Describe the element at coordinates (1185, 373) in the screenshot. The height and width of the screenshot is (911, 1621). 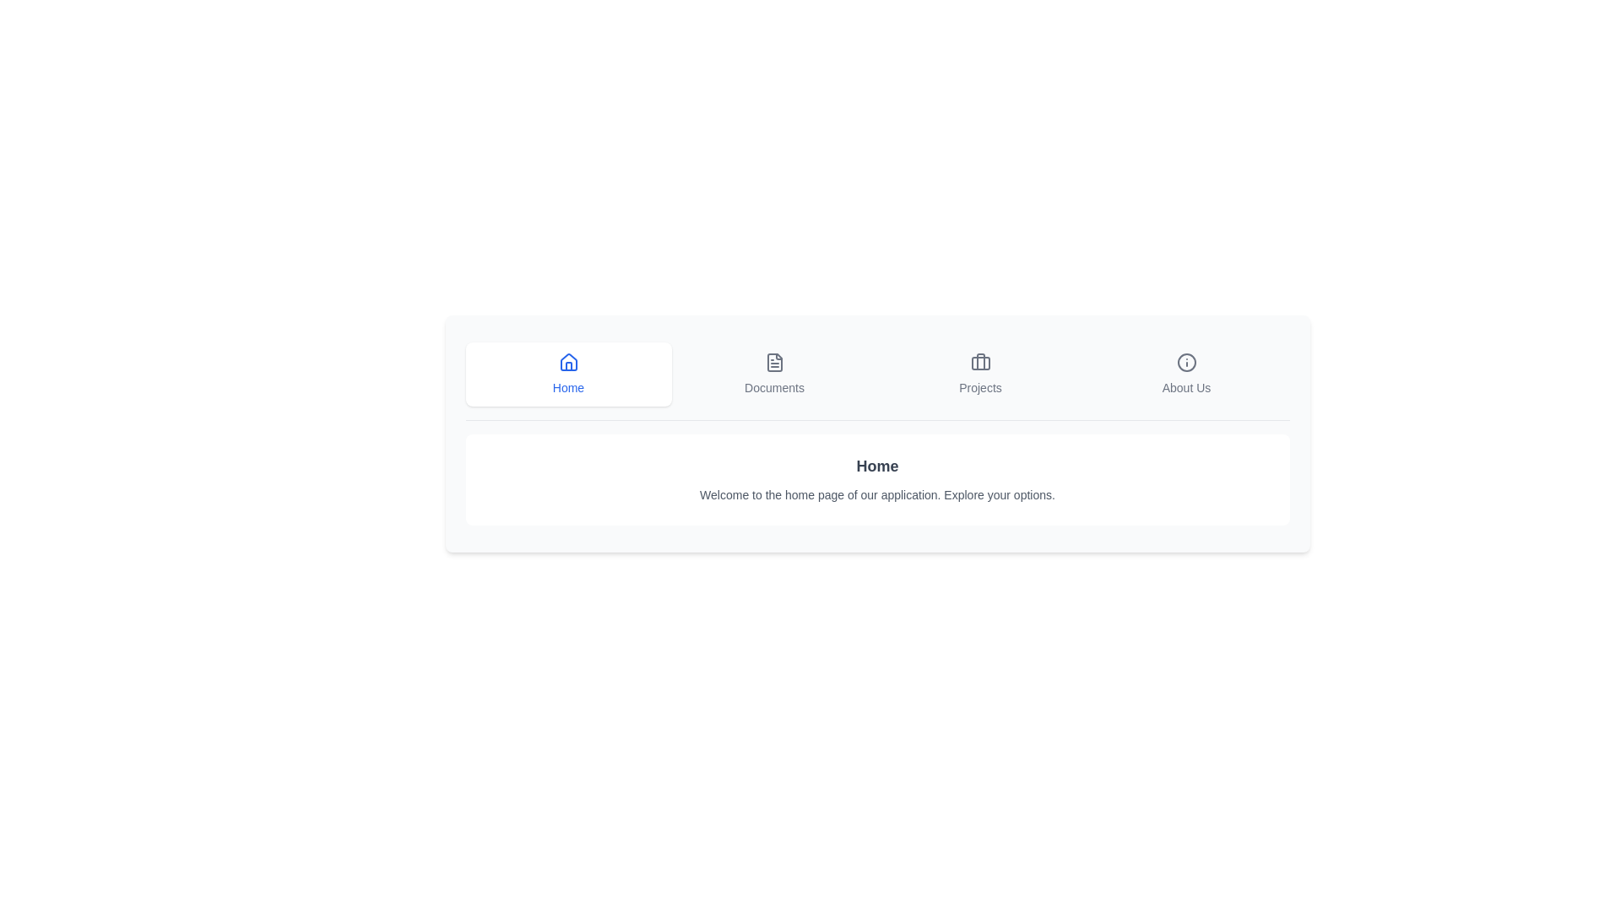
I see `the tab labeled About Us to observe the hover effect` at that location.